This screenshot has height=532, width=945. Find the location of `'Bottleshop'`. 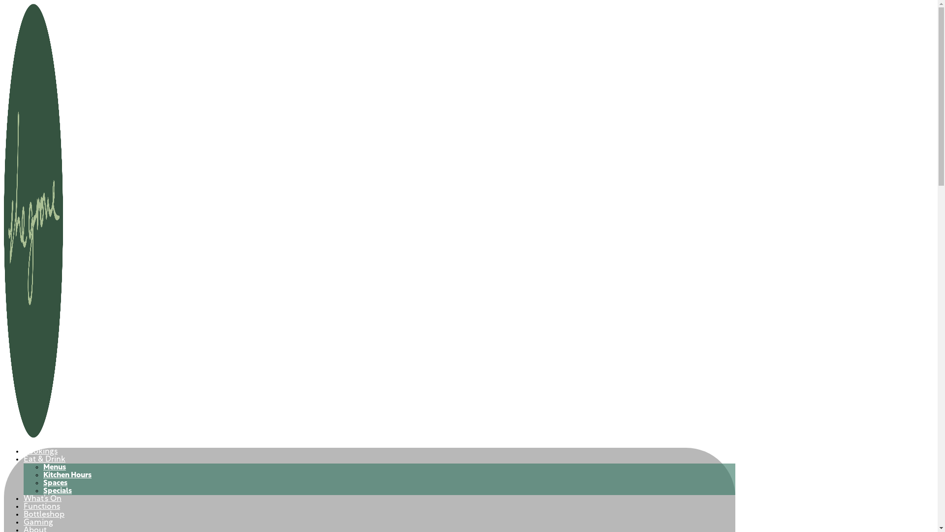

'Bottleshop' is located at coordinates (43, 514).